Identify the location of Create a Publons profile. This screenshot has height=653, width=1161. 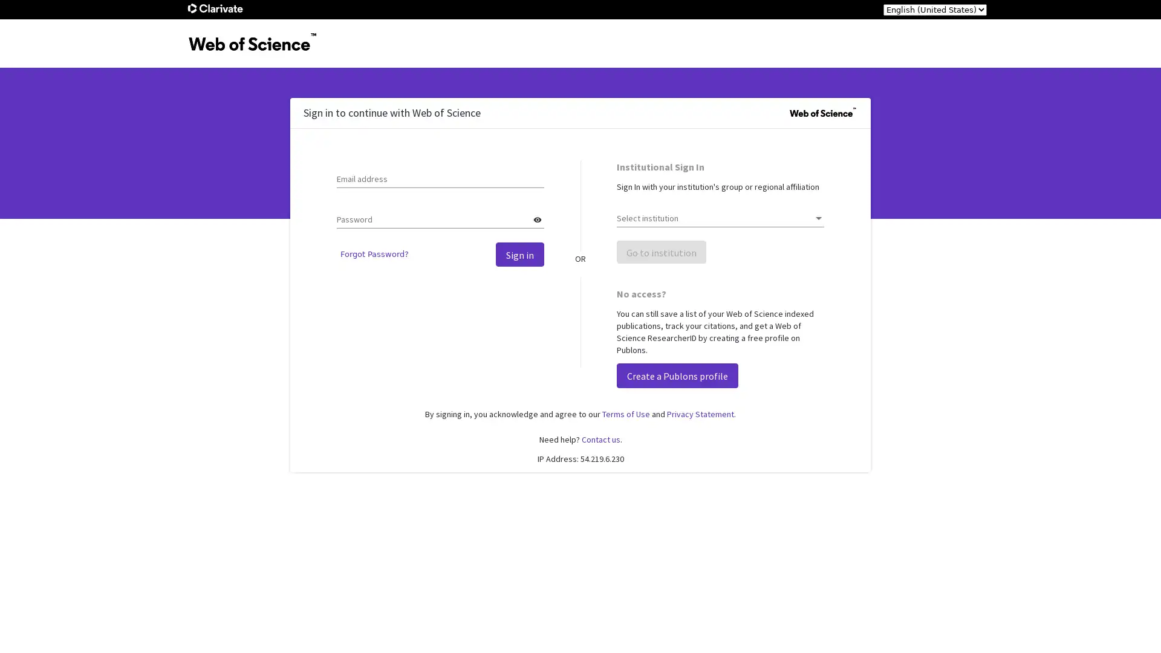
(677, 375).